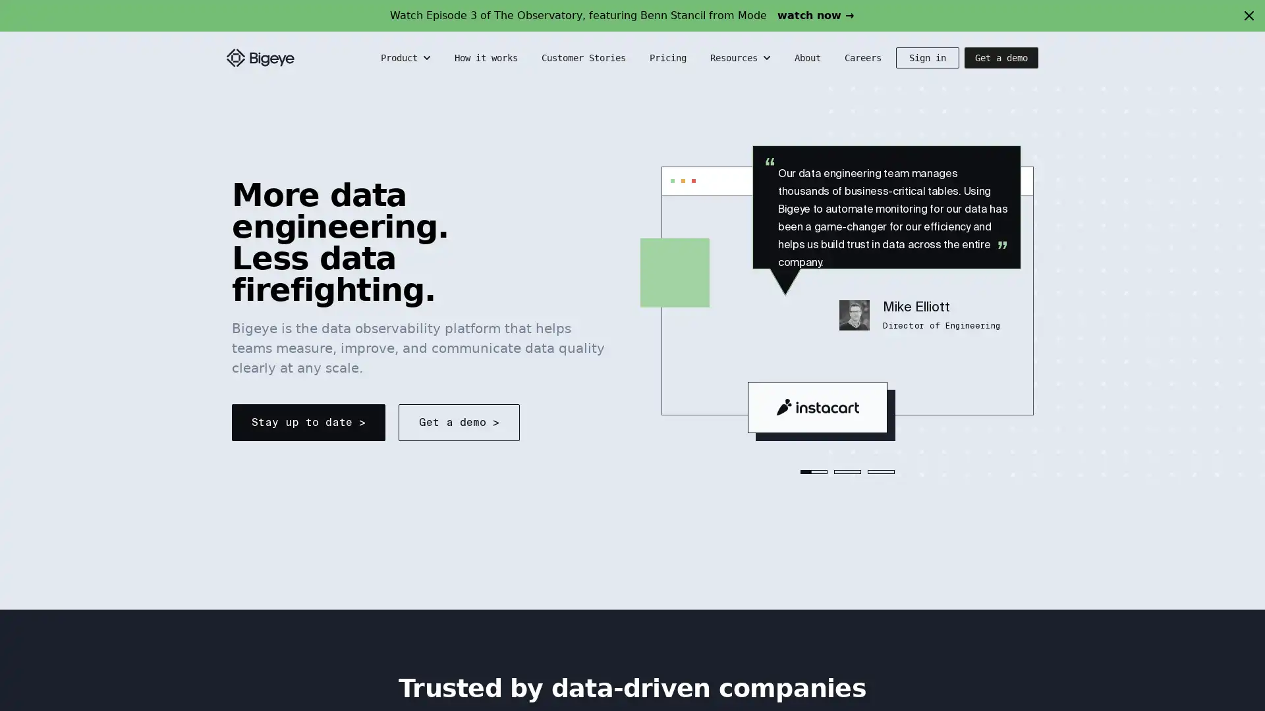  What do you see at coordinates (1249, 15) in the screenshot?
I see `Dismiss` at bounding box center [1249, 15].